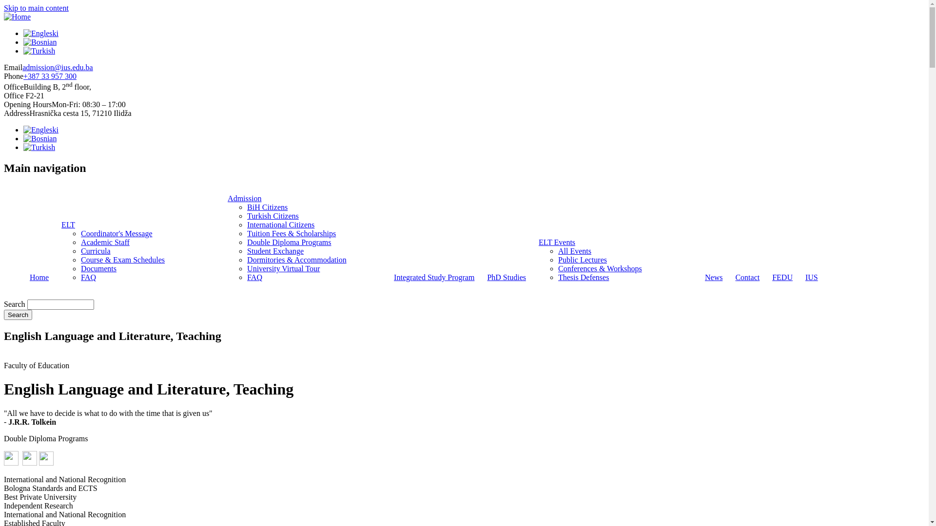 This screenshot has width=936, height=526. Describe the element at coordinates (30, 462) in the screenshot. I see `'    '` at that location.